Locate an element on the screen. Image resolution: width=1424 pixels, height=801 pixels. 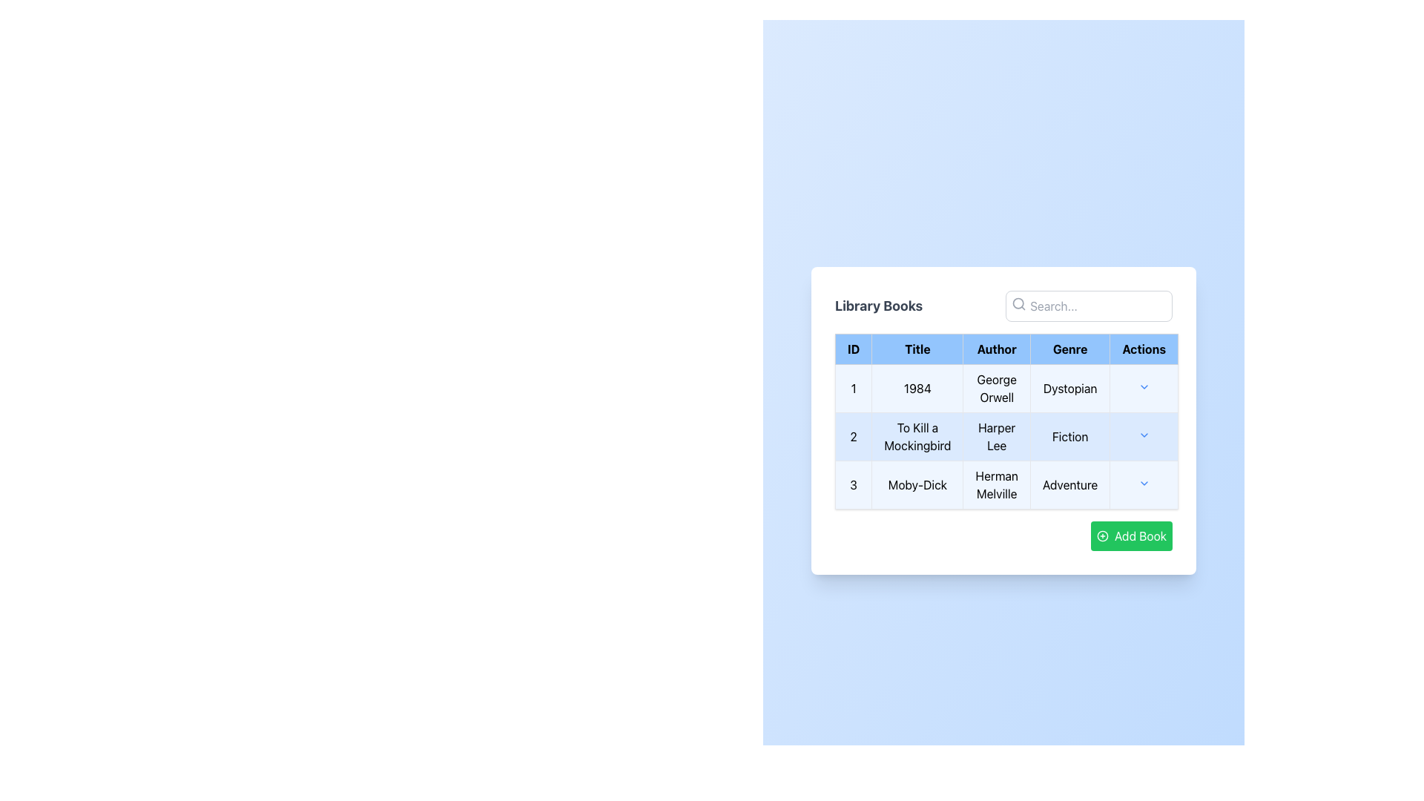
the search icon located on the left side of the search input field at the top-right section of the library books table UI is located at coordinates (1018, 303).